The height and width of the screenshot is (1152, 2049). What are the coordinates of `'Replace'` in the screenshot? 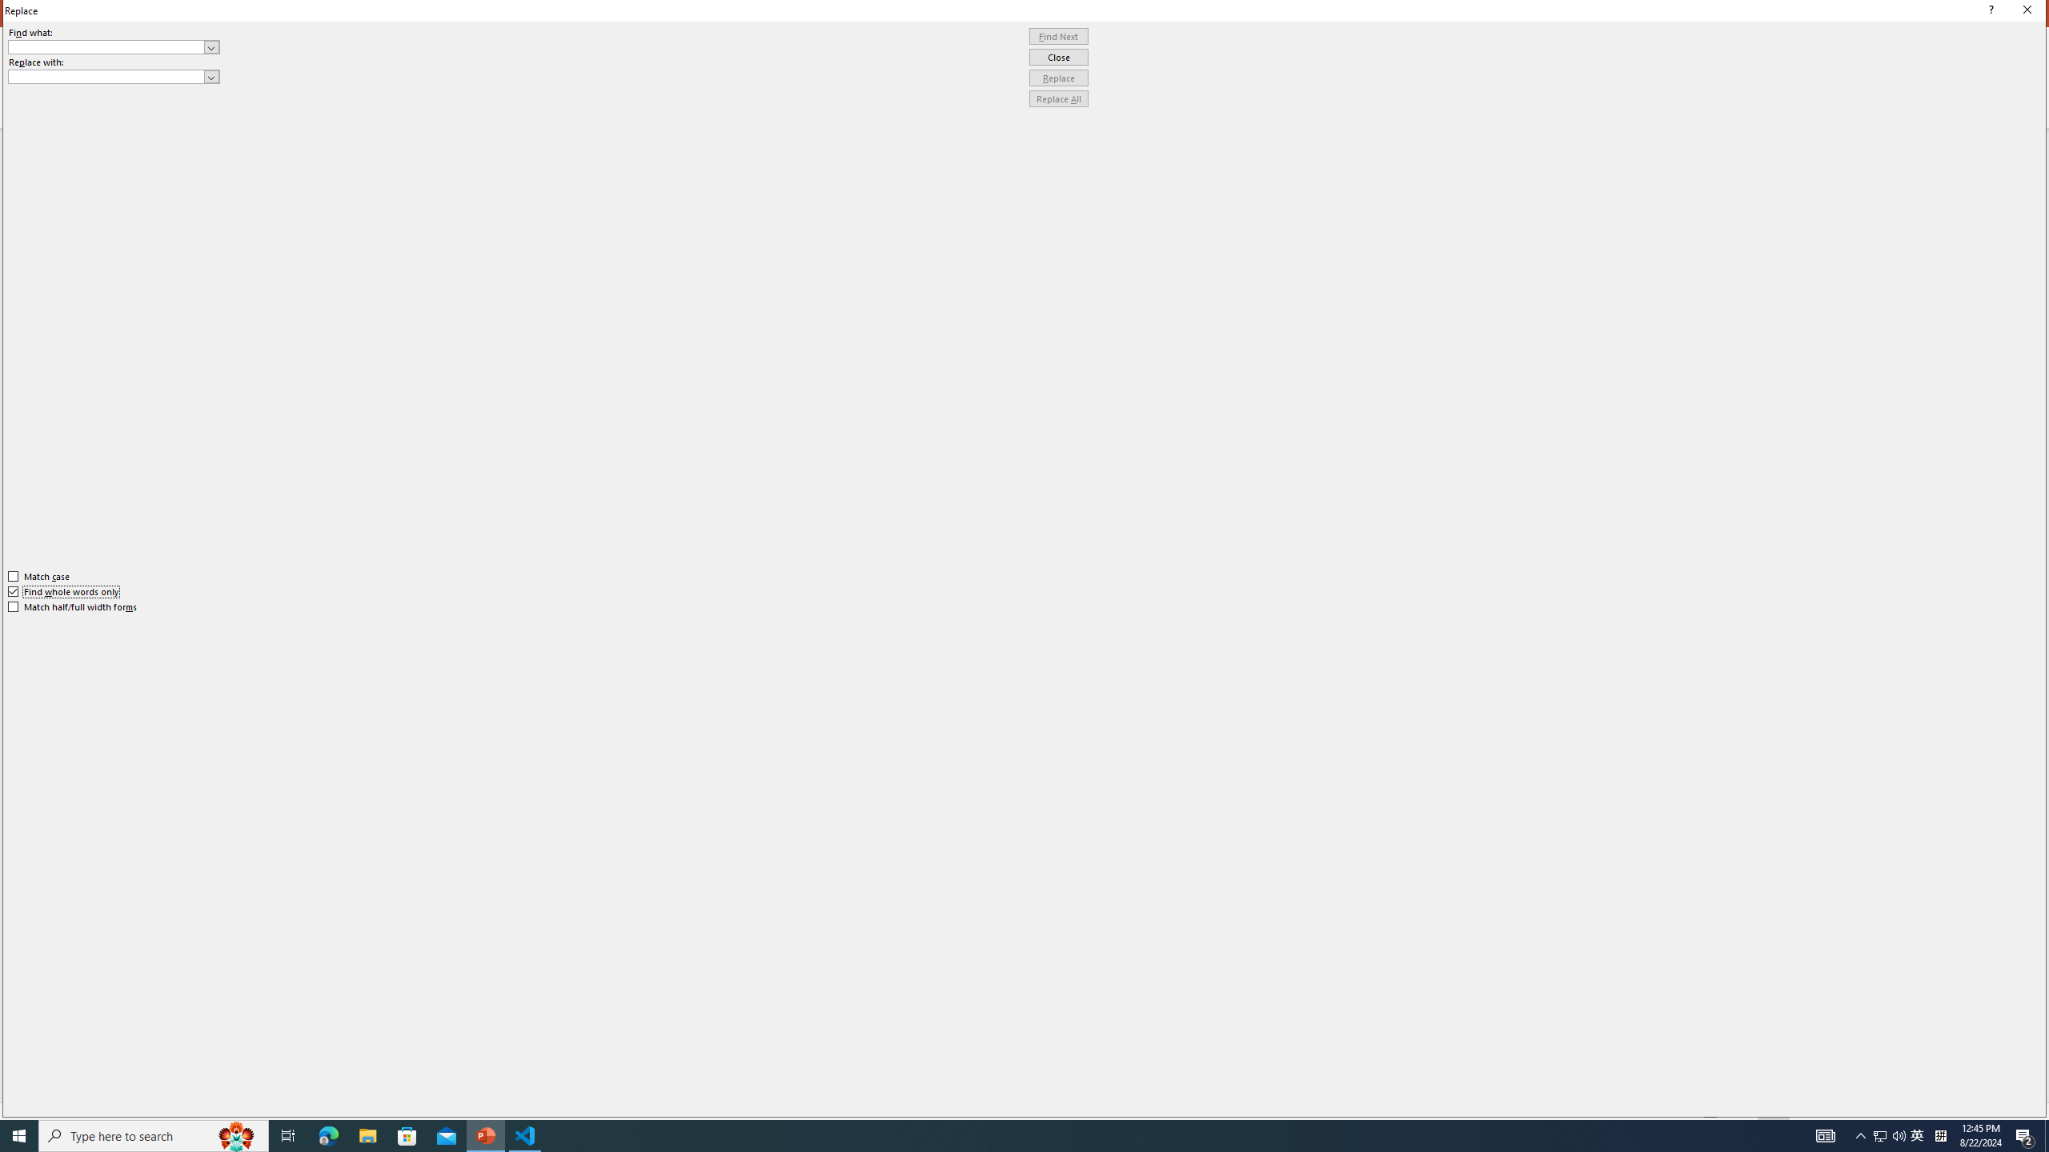 It's located at (1058, 77).